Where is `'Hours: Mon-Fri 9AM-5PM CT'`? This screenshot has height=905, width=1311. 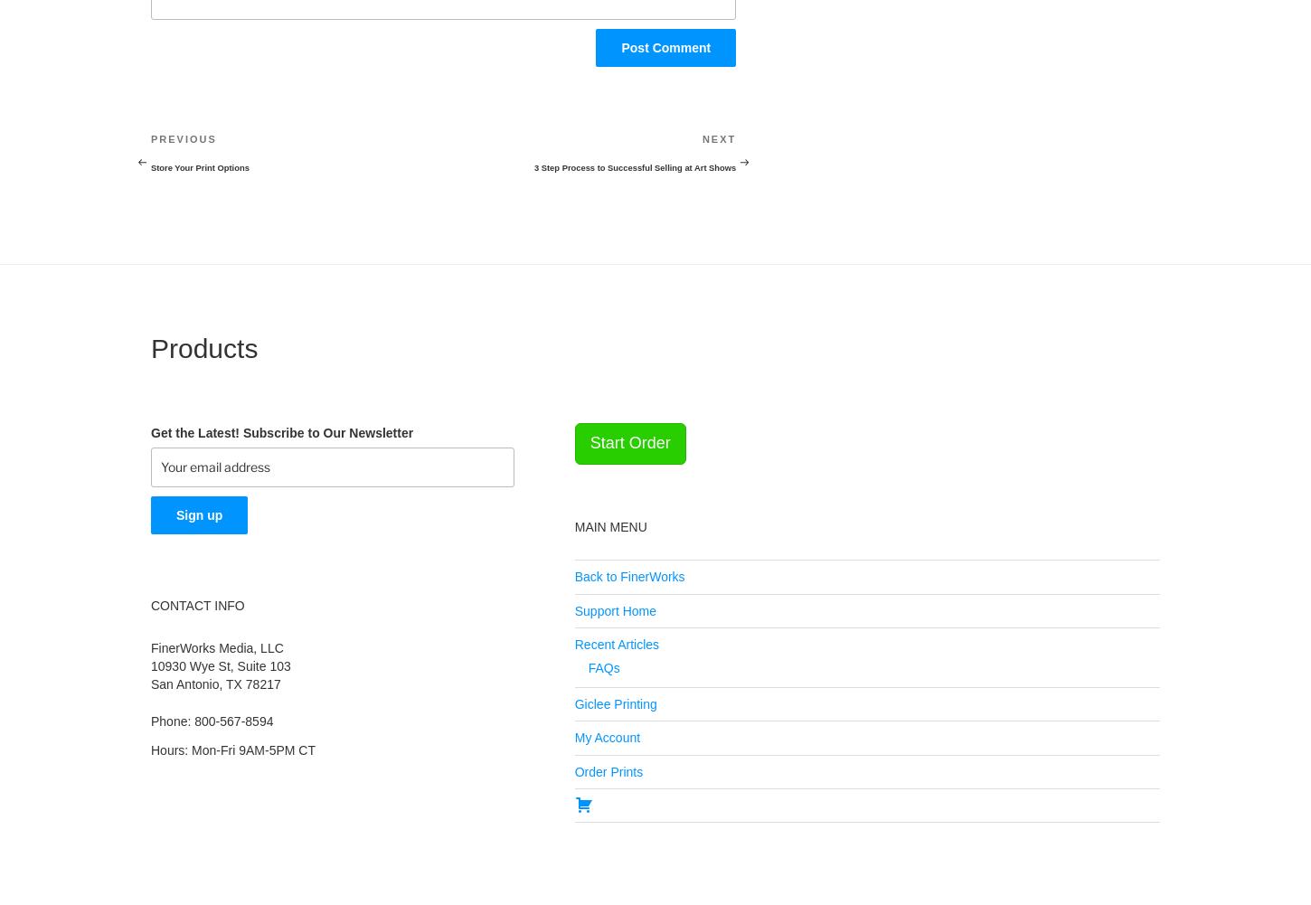 'Hours: Mon-Fri 9AM-5PM CT' is located at coordinates (232, 749).